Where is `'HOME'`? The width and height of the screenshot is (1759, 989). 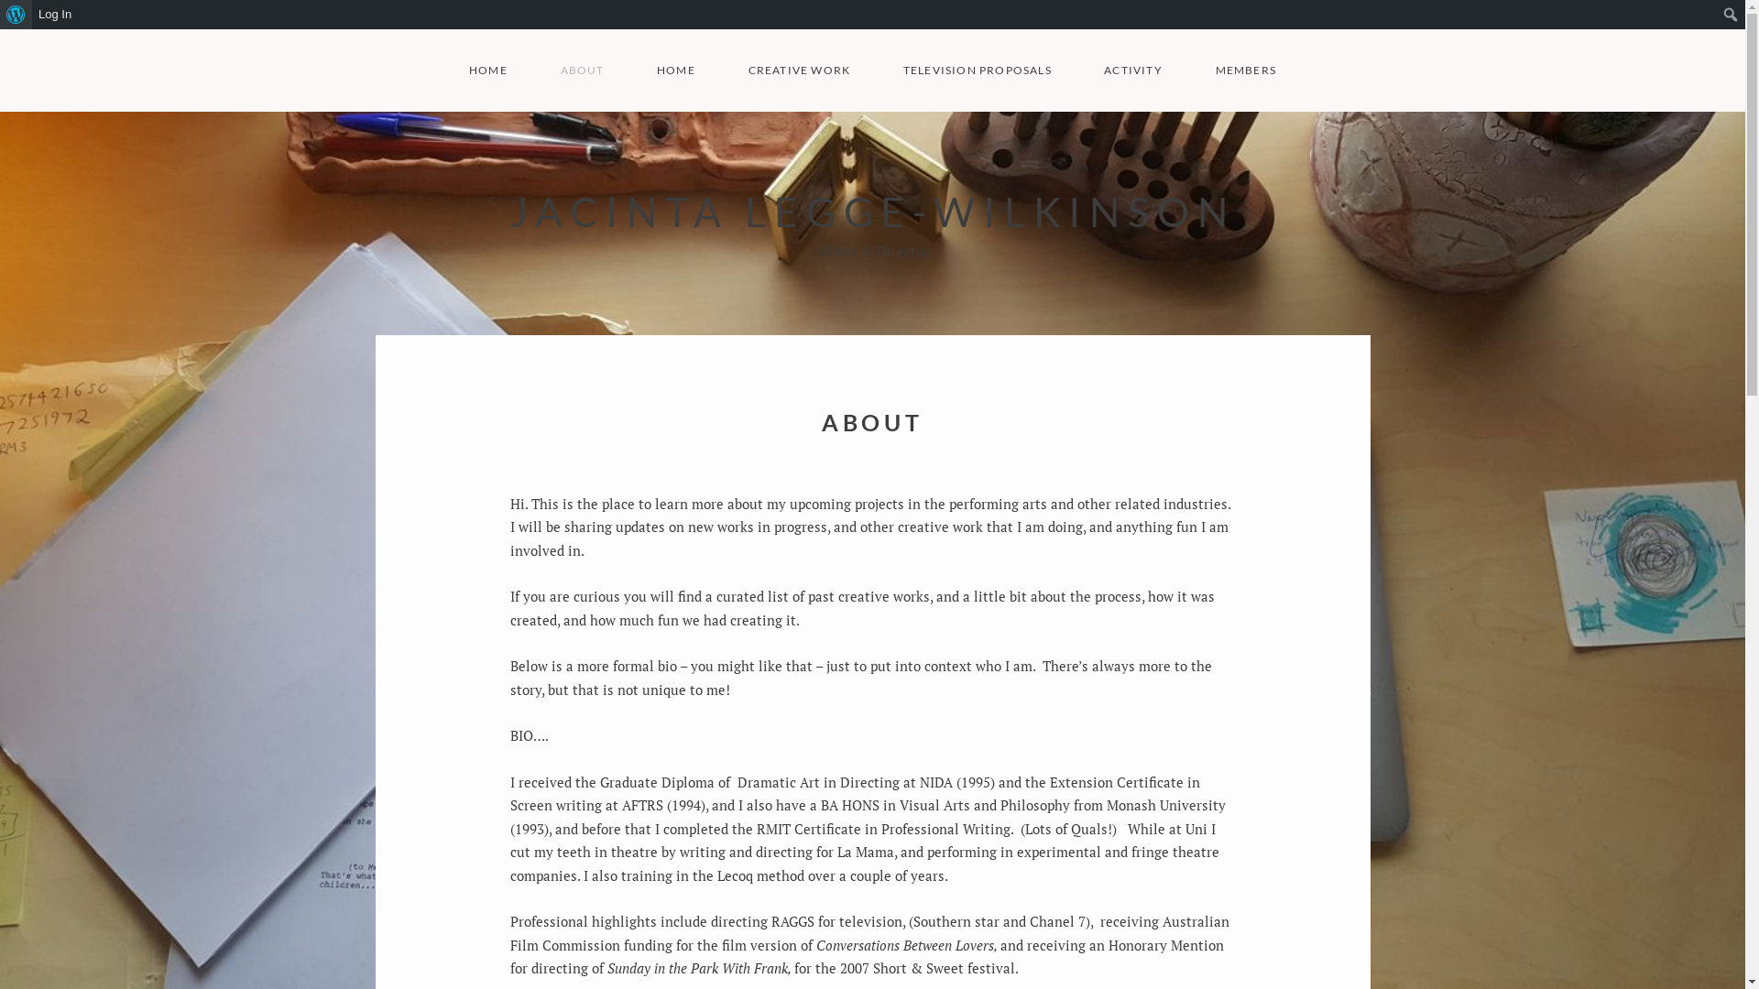
'HOME' is located at coordinates (487, 70).